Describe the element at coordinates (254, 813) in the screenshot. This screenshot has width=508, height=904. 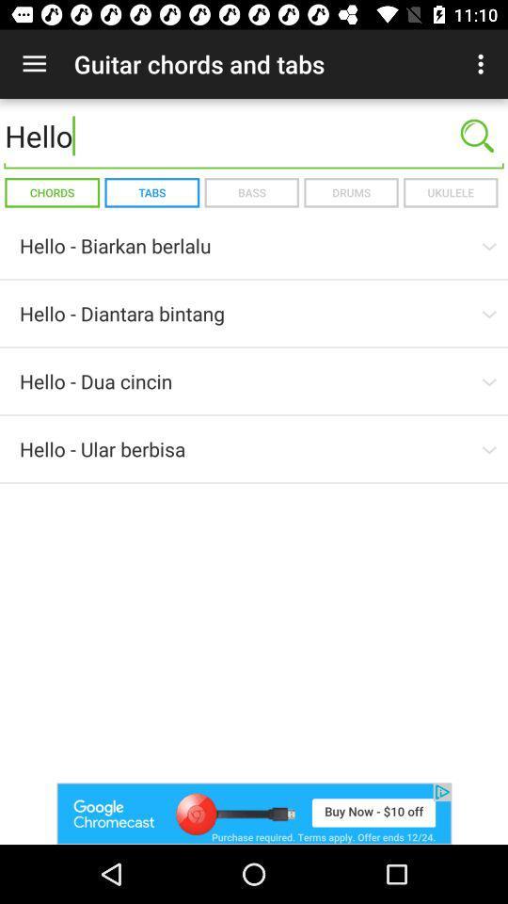
I see `advertisement link` at that location.